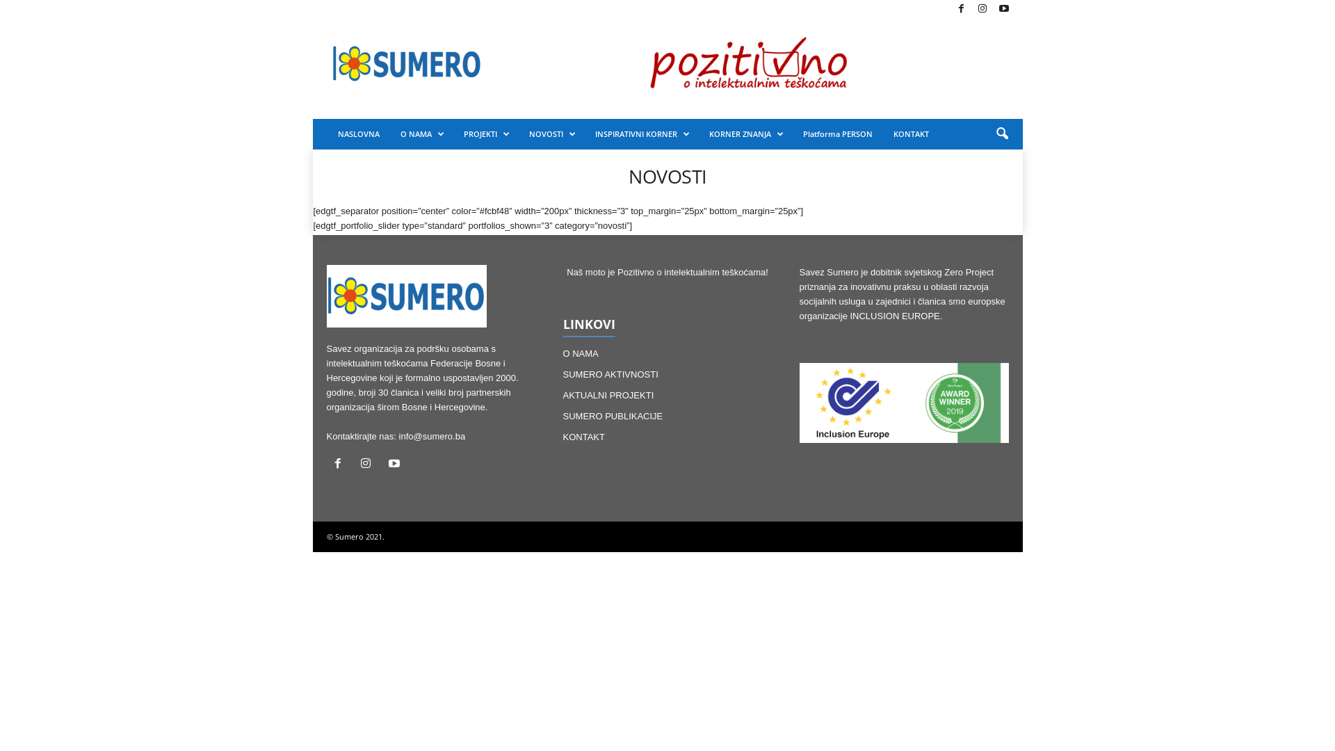 The image size is (1335, 751). What do you see at coordinates (312, 64) in the screenshot?
I see `'SAVEZ SUMERO'` at bounding box center [312, 64].